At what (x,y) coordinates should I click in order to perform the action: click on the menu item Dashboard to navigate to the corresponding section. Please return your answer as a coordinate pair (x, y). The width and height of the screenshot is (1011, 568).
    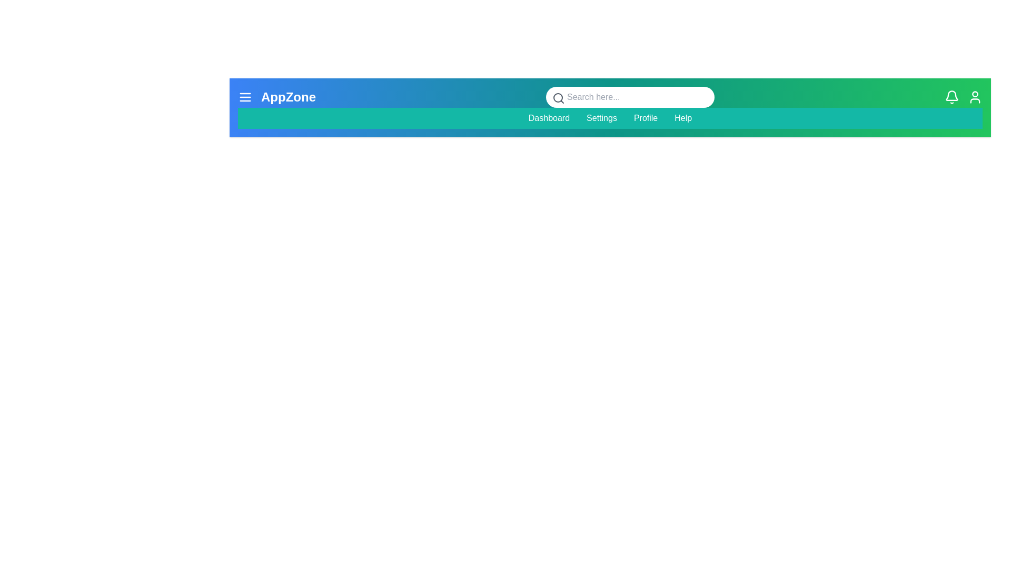
    Looking at the image, I should click on (548, 118).